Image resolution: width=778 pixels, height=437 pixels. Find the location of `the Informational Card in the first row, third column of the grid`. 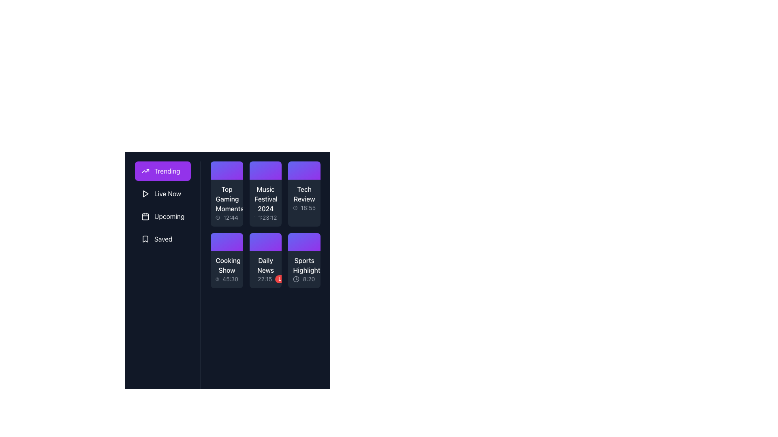

the Informational Card in the first row, third column of the grid is located at coordinates (304, 198).